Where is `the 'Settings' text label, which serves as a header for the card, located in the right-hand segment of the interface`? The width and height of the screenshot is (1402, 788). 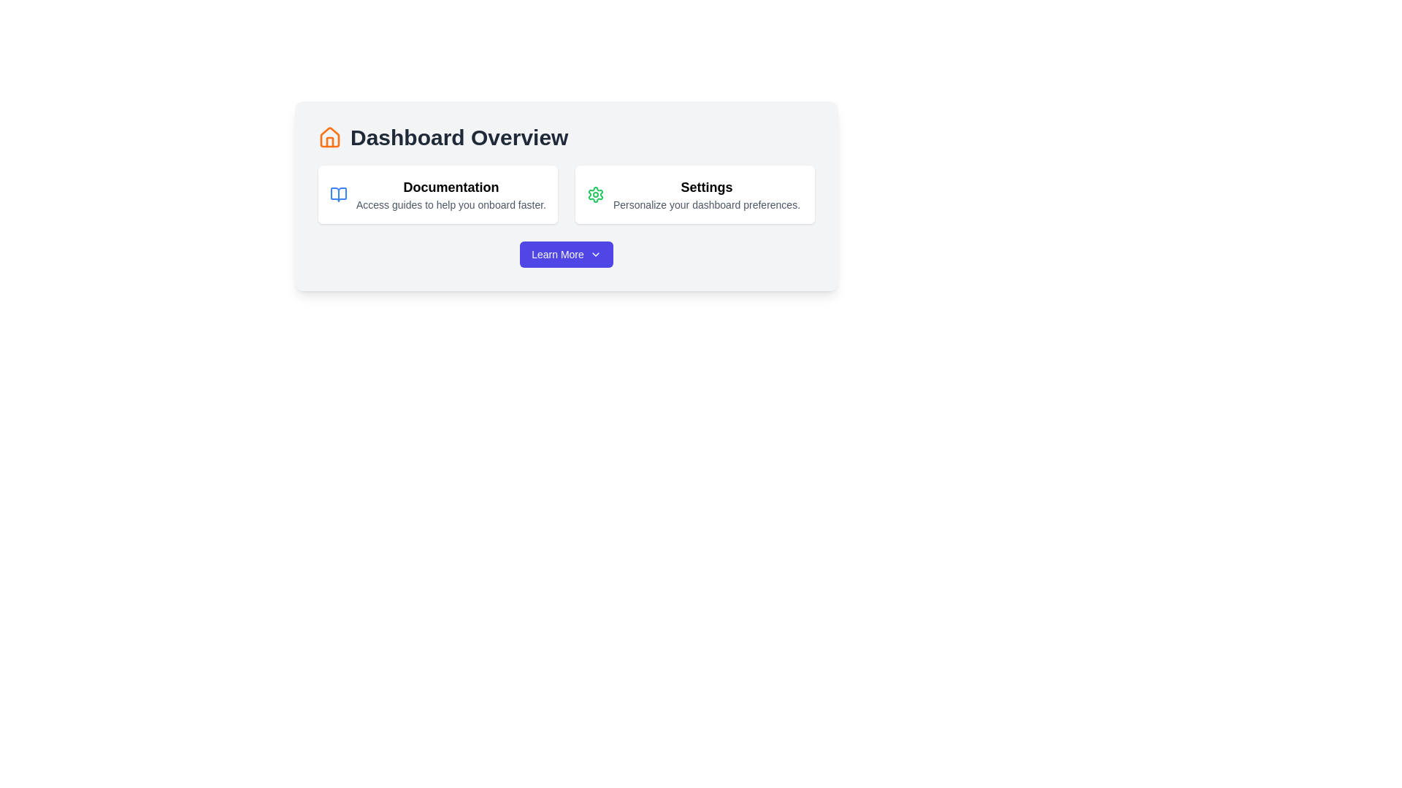
the 'Settings' text label, which serves as a header for the card, located in the right-hand segment of the interface is located at coordinates (707, 187).